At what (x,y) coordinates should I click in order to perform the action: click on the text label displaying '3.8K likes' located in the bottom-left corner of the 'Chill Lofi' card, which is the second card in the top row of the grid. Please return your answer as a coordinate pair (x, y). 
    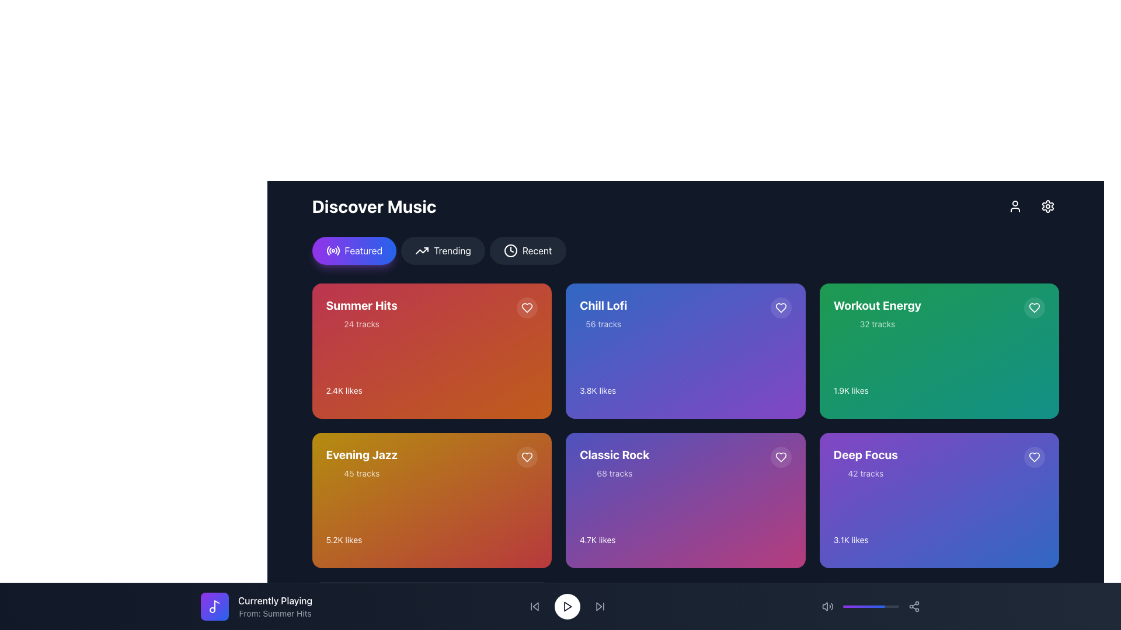
    Looking at the image, I should click on (598, 391).